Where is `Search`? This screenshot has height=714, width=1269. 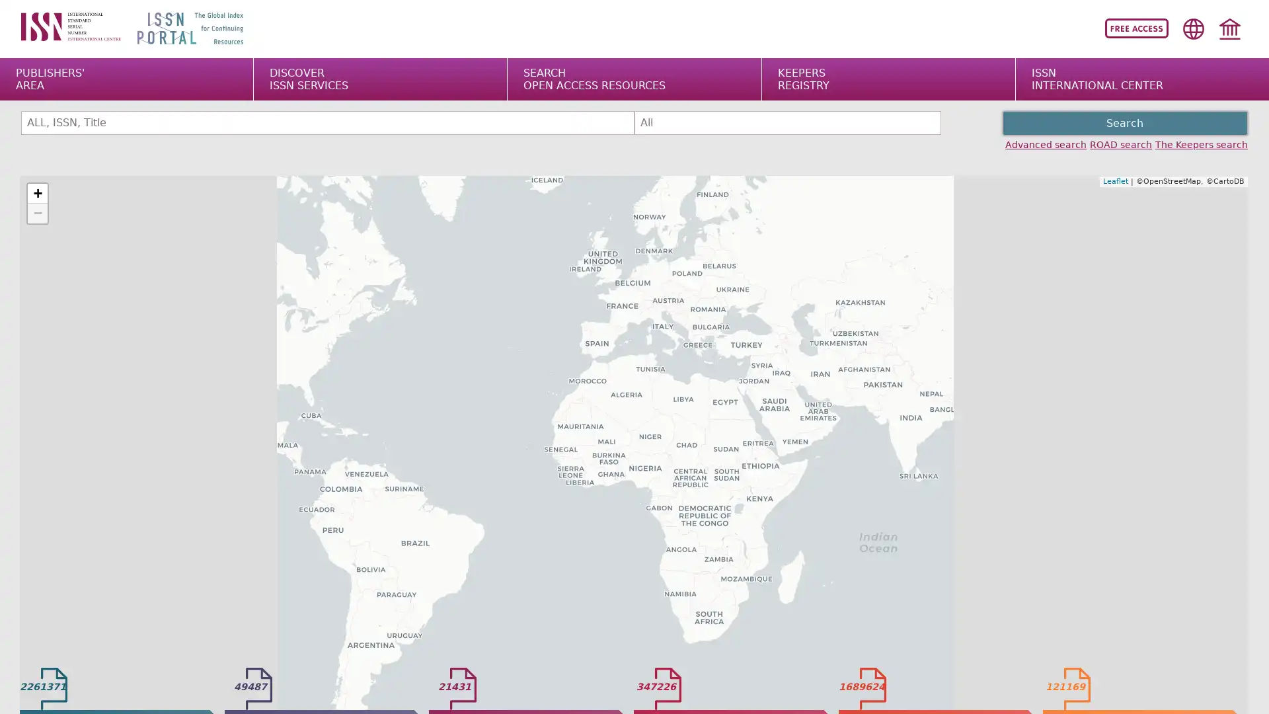
Search is located at coordinates (1124, 123).